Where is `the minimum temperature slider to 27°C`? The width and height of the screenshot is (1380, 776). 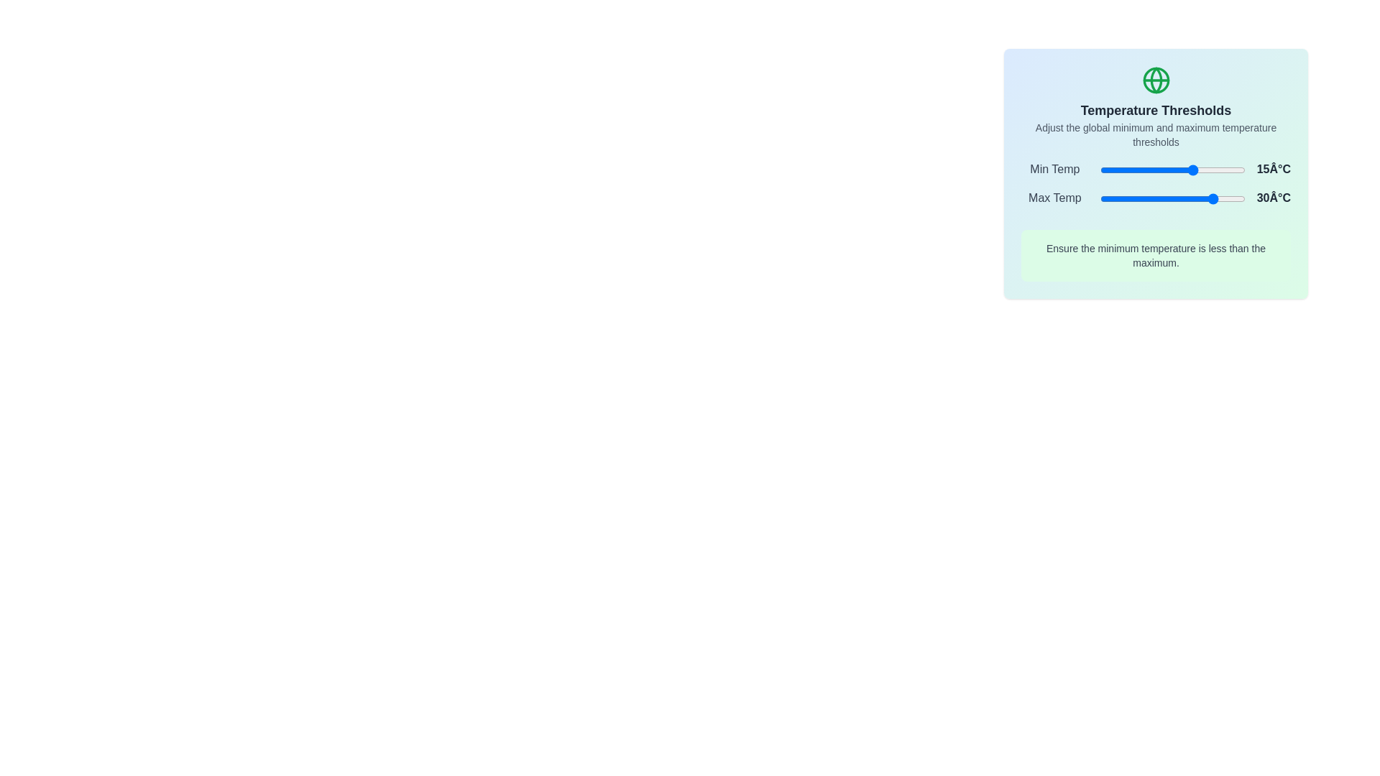
the minimum temperature slider to 27°C is located at coordinates (1211, 169).